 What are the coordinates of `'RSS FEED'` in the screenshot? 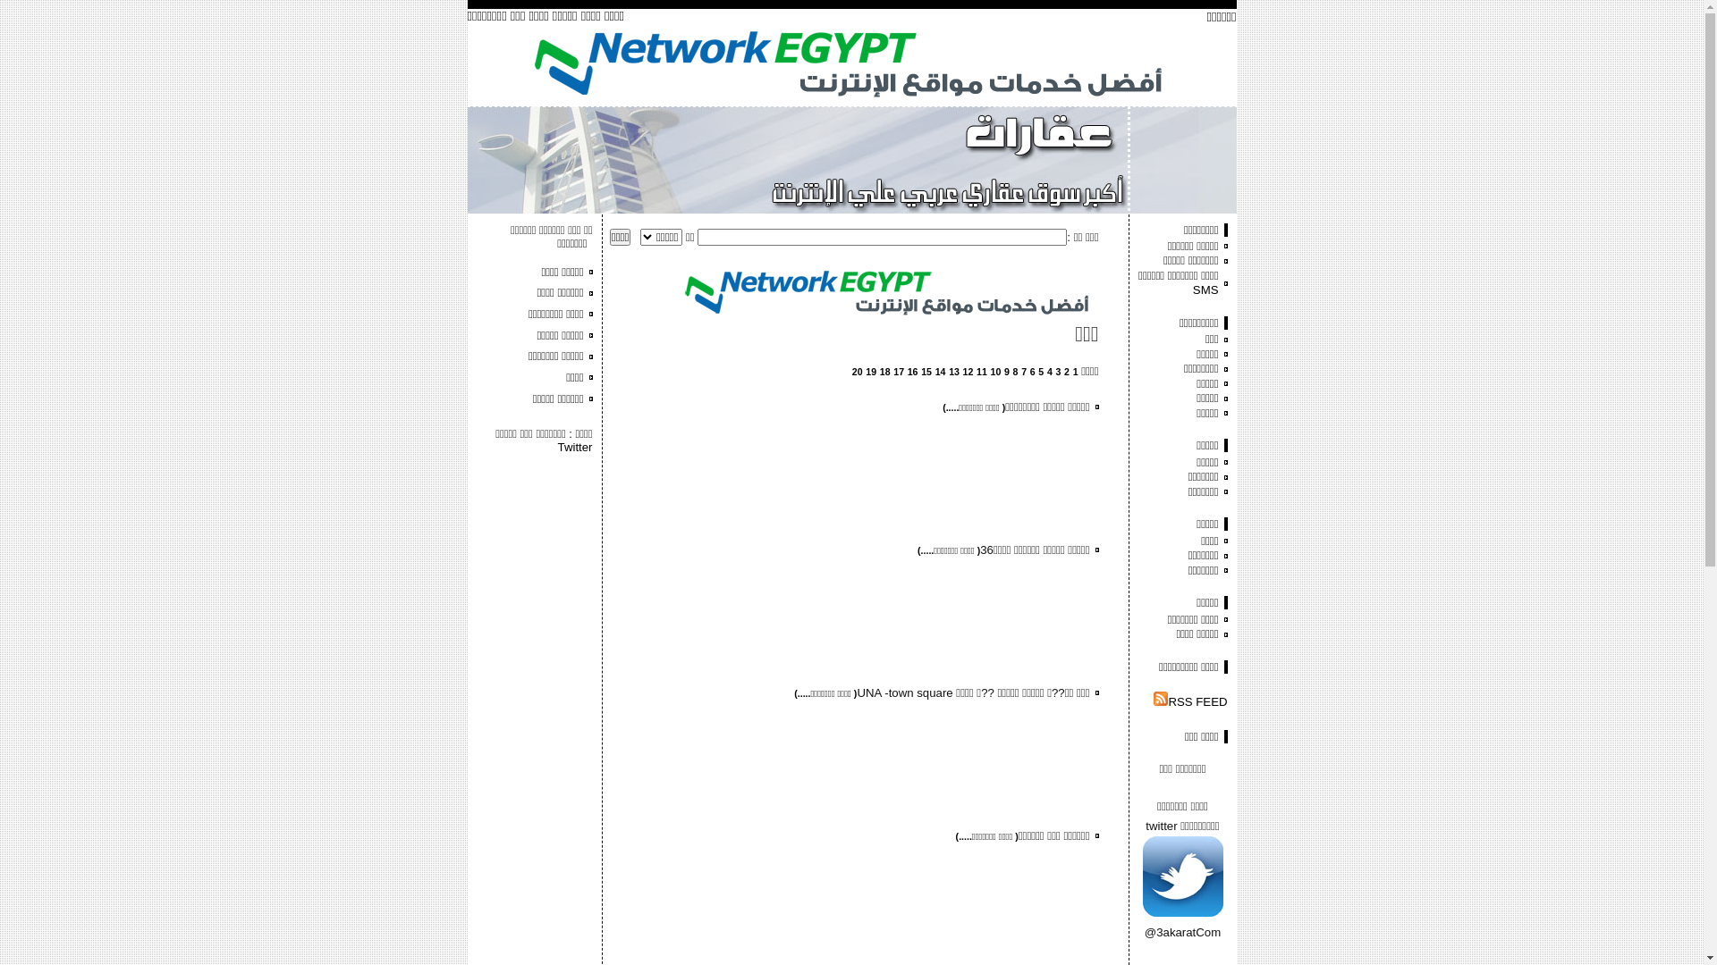 It's located at (1189, 701).